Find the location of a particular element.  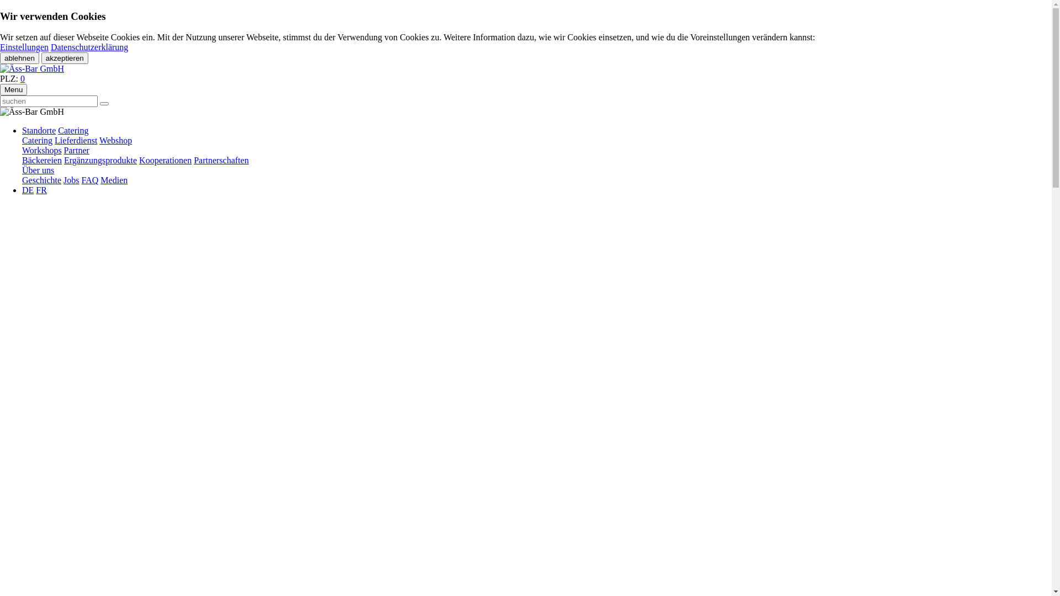

'Webshop' is located at coordinates (99, 140).